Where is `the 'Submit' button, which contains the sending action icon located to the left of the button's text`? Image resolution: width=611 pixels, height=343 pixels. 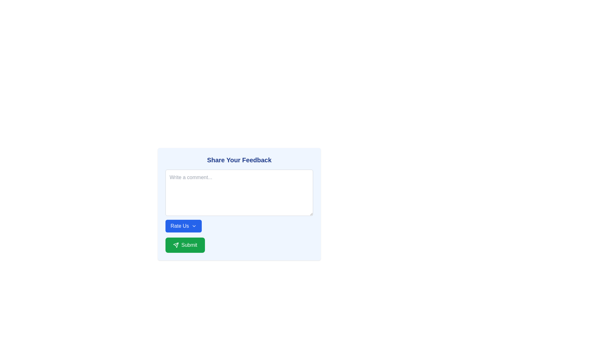
the 'Submit' button, which contains the sending action icon located to the left of the button's text is located at coordinates (176, 245).